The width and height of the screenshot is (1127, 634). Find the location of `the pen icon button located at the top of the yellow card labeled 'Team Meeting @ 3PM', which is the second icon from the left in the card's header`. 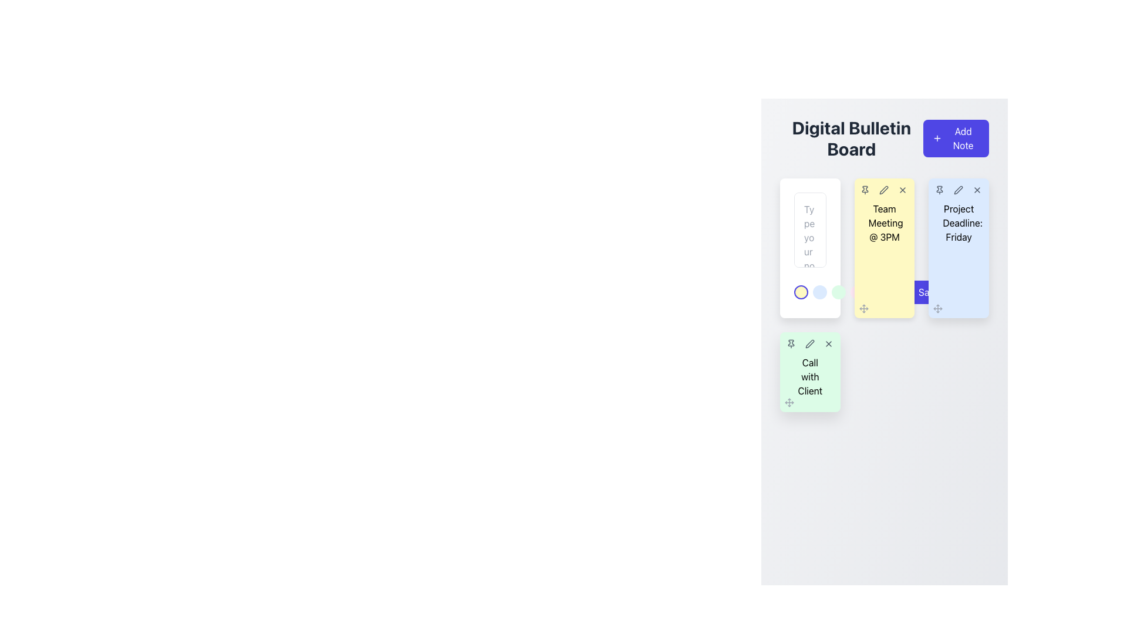

the pen icon button located at the top of the yellow card labeled 'Team Meeting @ 3PM', which is the second icon from the left in the card's header is located at coordinates (884, 190).